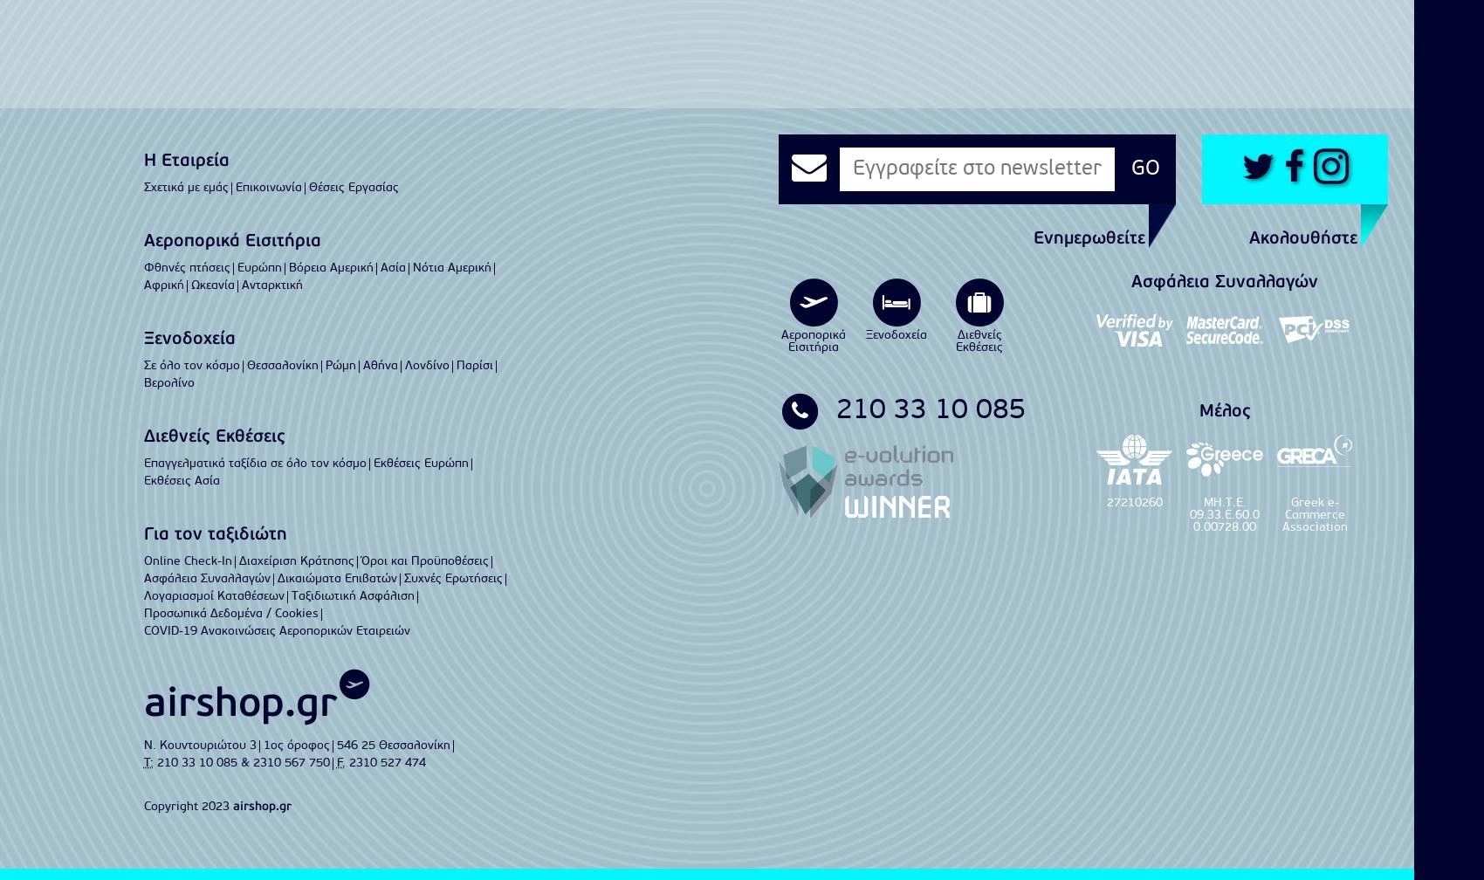  What do you see at coordinates (1224, 515) in the screenshot?
I see `'ΜΗ.Τ.Ε. 09.33.E.60.00.00728.00'` at bounding box center [1224, 515].